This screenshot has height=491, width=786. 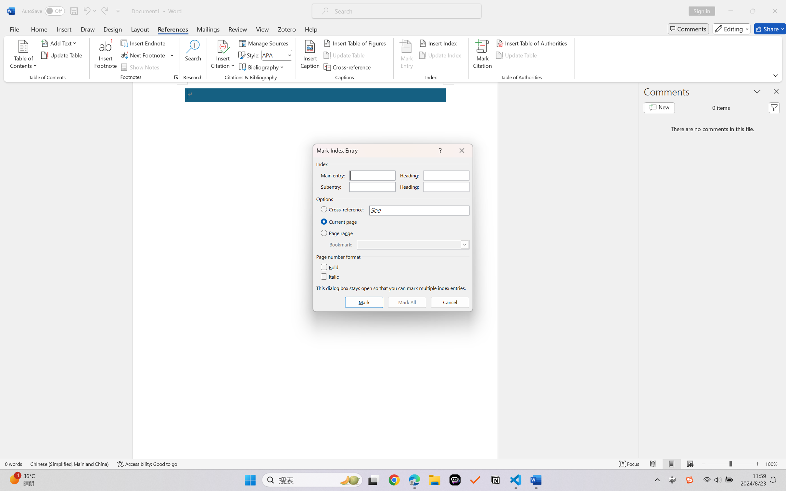 What do you see at coordinates (407, 55) in the screenshot?
I see `'Mark Entry...'` at bounding box center [407, 55].